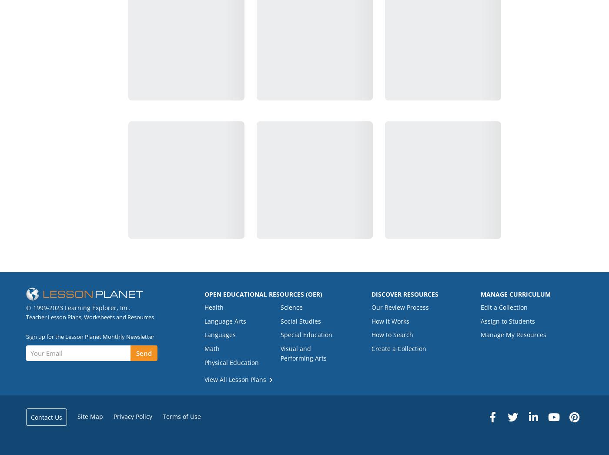 Image resolution: width=609 pixels, height=455 pixels. Describe the element at coordinates (235, 379) in the screenshot. I see `'View All Lesson Plans'` at that location.